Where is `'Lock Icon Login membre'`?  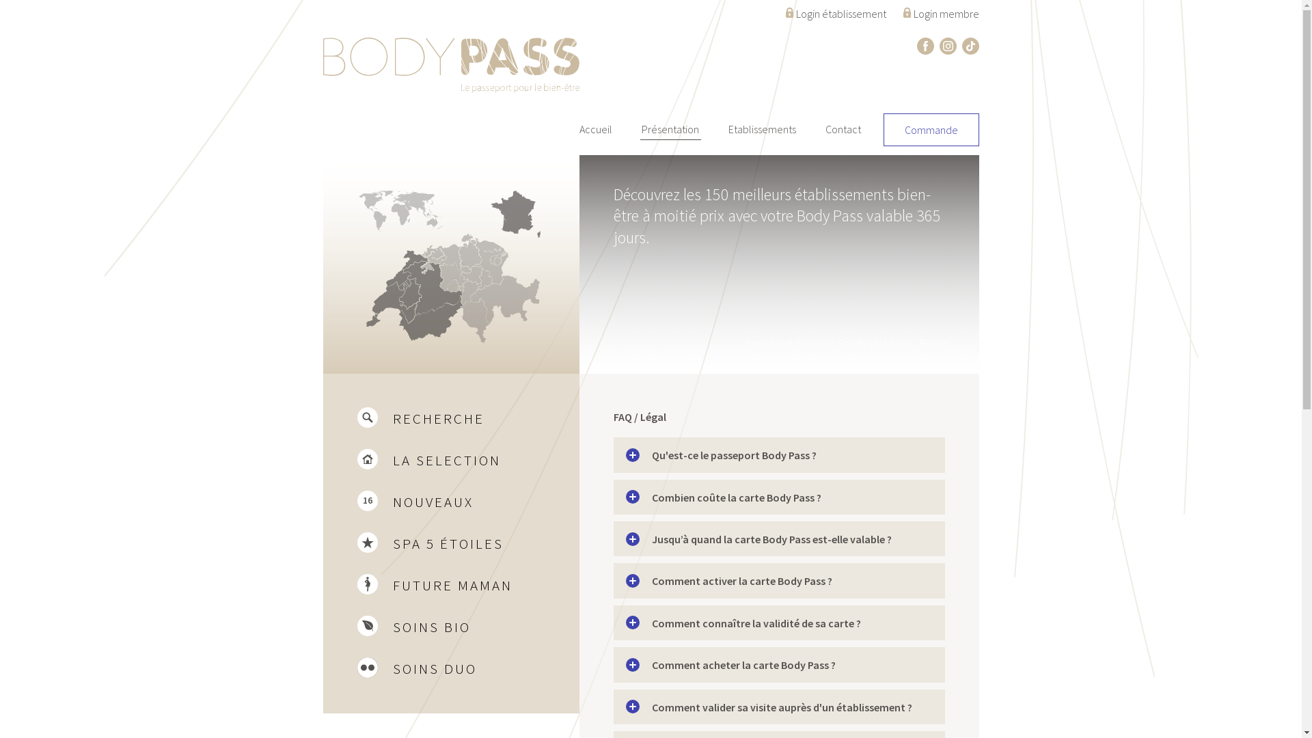 'Lock Icon Login membre' is located at coordinates (940, 10).